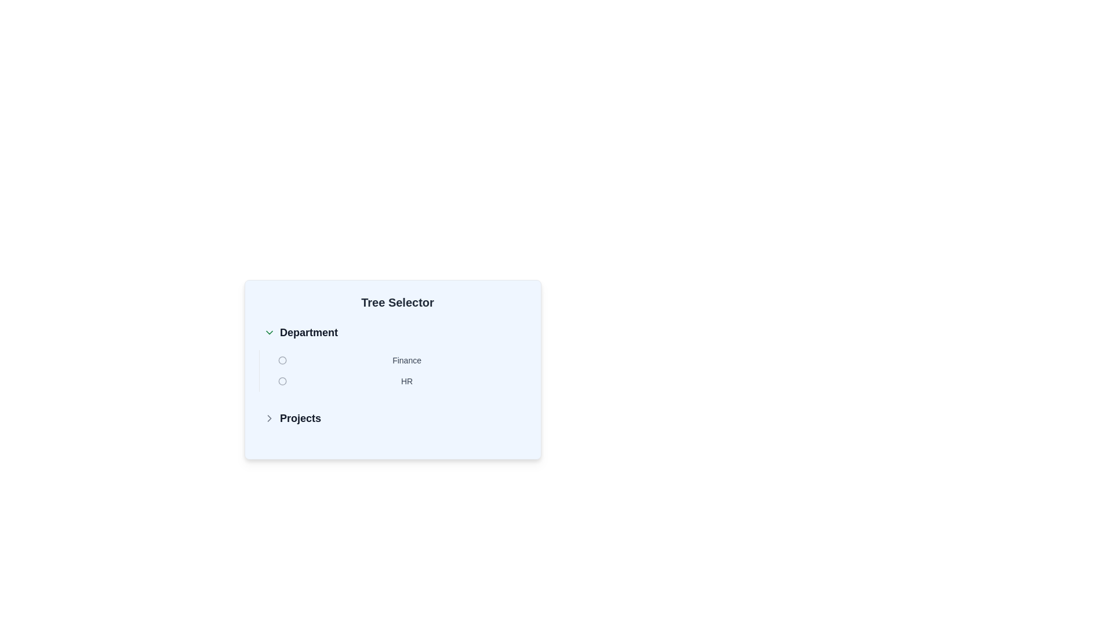  What do you see at coordinates (308, 333) in the screenshot?
I see `text of the label indicating the 'Department' section, which is the first collapsible section in the Tree Selector UI component` at bounding box center [308, 333].